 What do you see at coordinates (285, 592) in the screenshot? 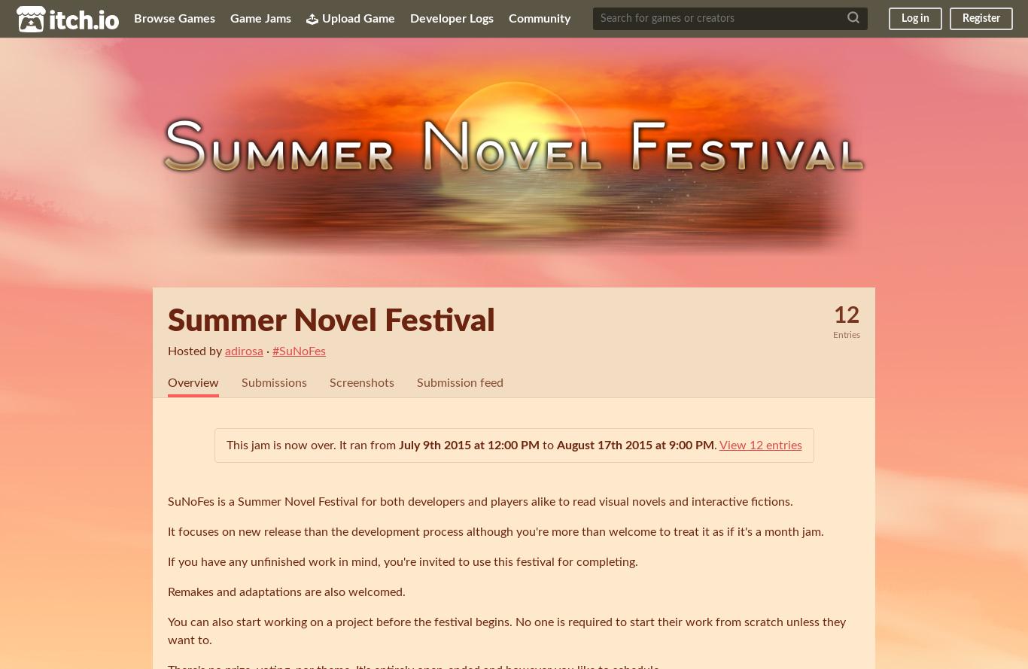
I see `'Remakes and adaptations are also welcomed.'` at bounding box center [285, 592].